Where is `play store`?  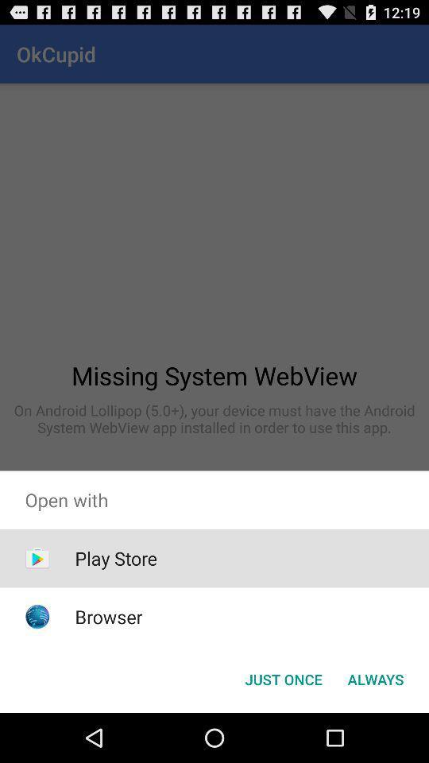 play store is located at coordinates (115, 558).